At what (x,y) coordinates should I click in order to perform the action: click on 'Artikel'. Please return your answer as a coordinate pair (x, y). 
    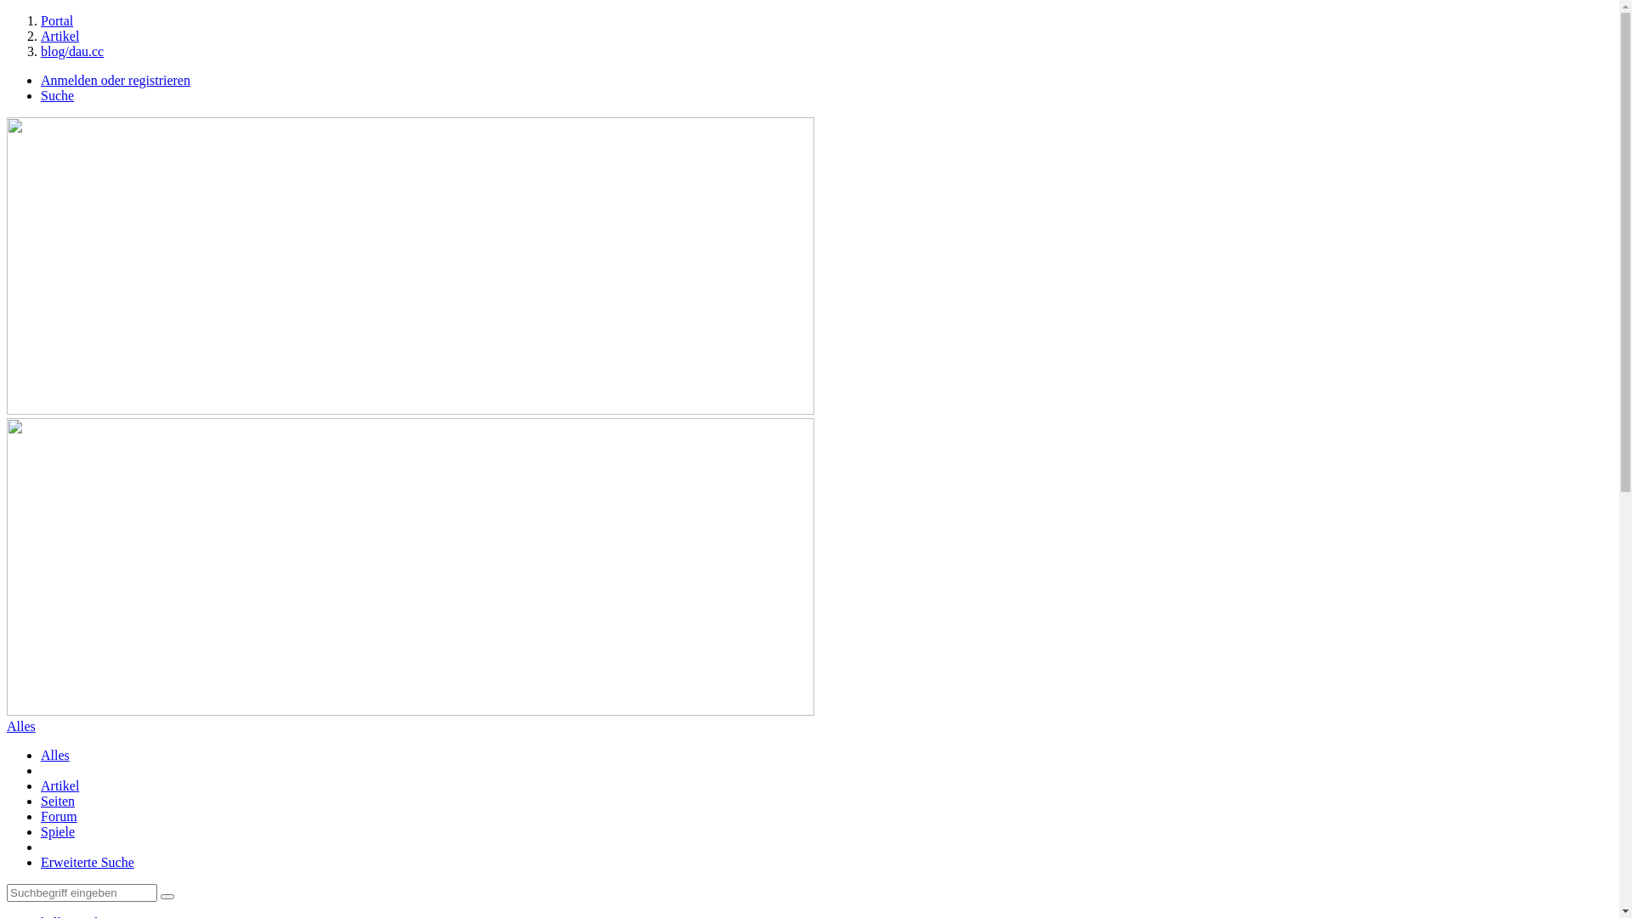
    Looking at the image, I should click on (59, 785).